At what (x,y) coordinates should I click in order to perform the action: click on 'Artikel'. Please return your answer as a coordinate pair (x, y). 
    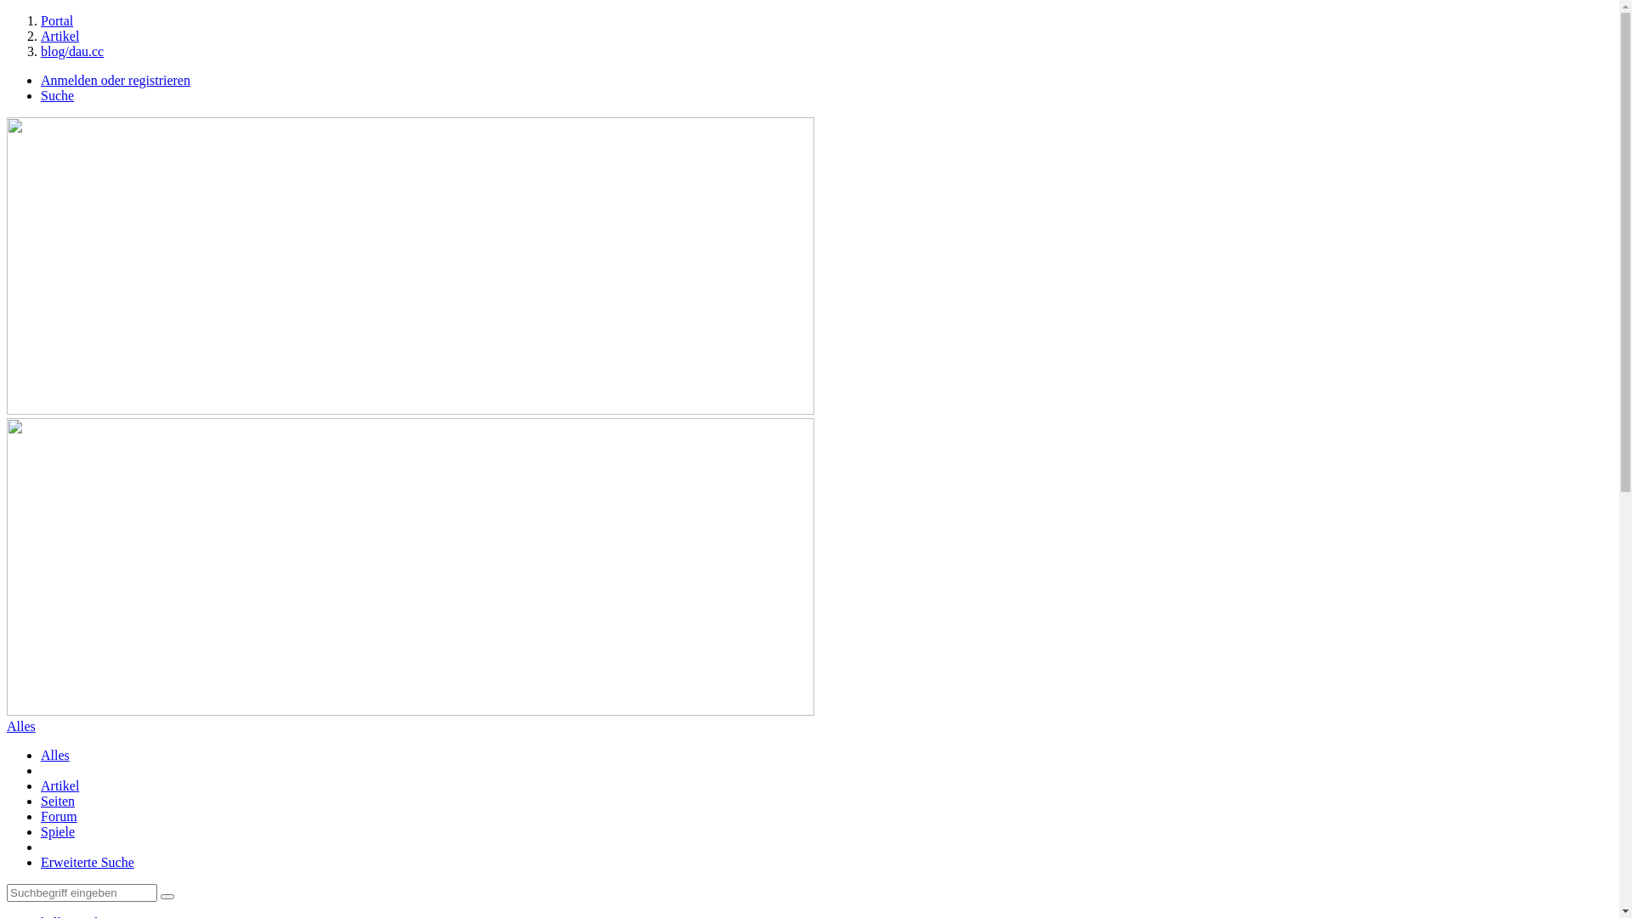
    Looking at the image, I should click on (59, 785).